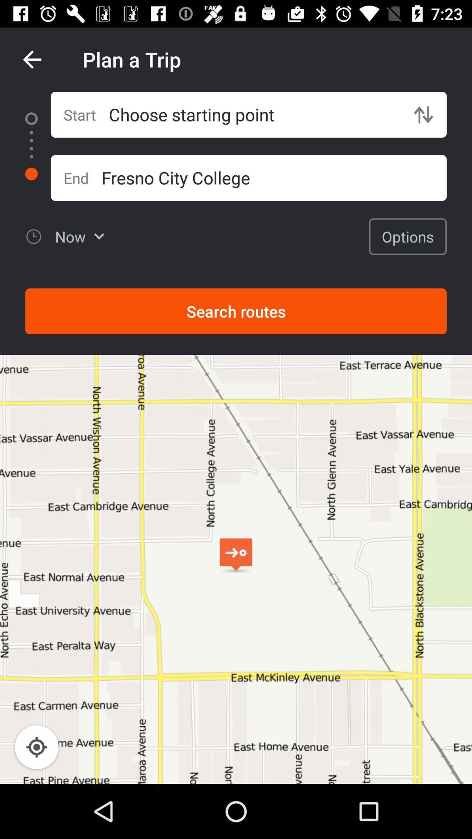  What do you see at coordinates (31, 59) in the screenshot?
I see `icon to the left of the plan a trip icon` at bounding box center [31, 59].